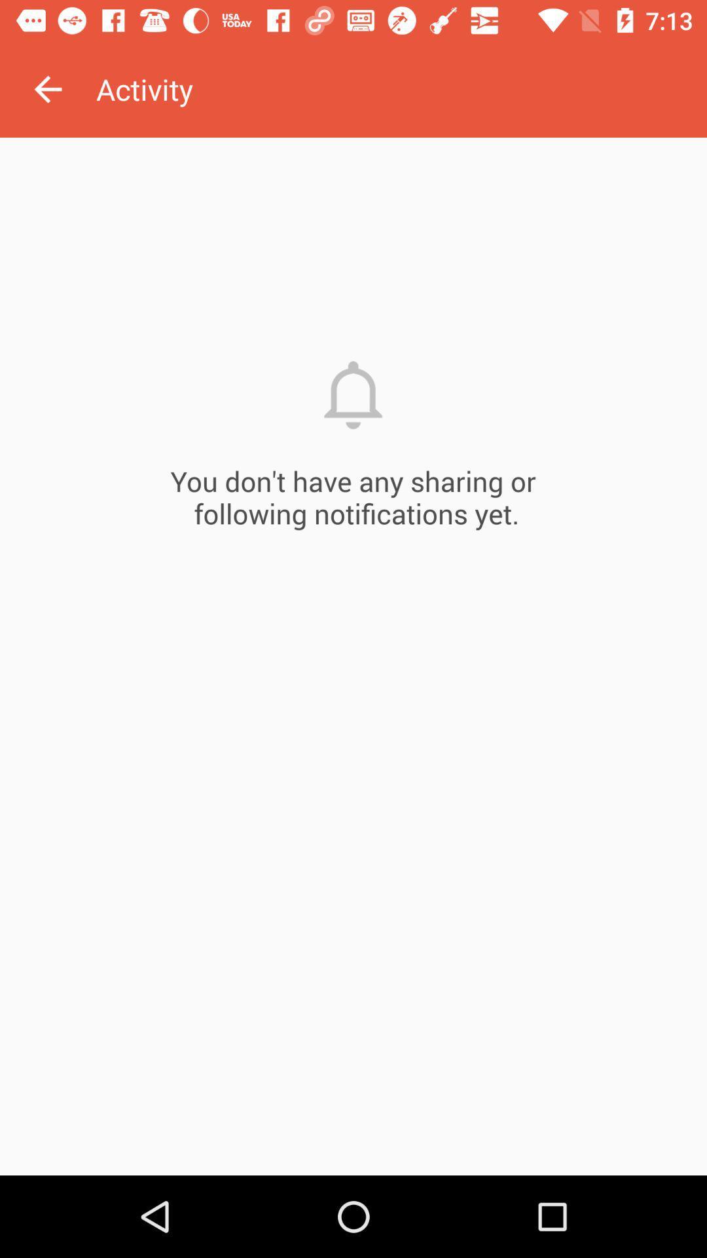 Image resolution: width=707 pixels, height=1258 pixels. What do you see at coordinates (401, 88) in the screenshot?
I see `activity icon` at bounding box center [401, 88].